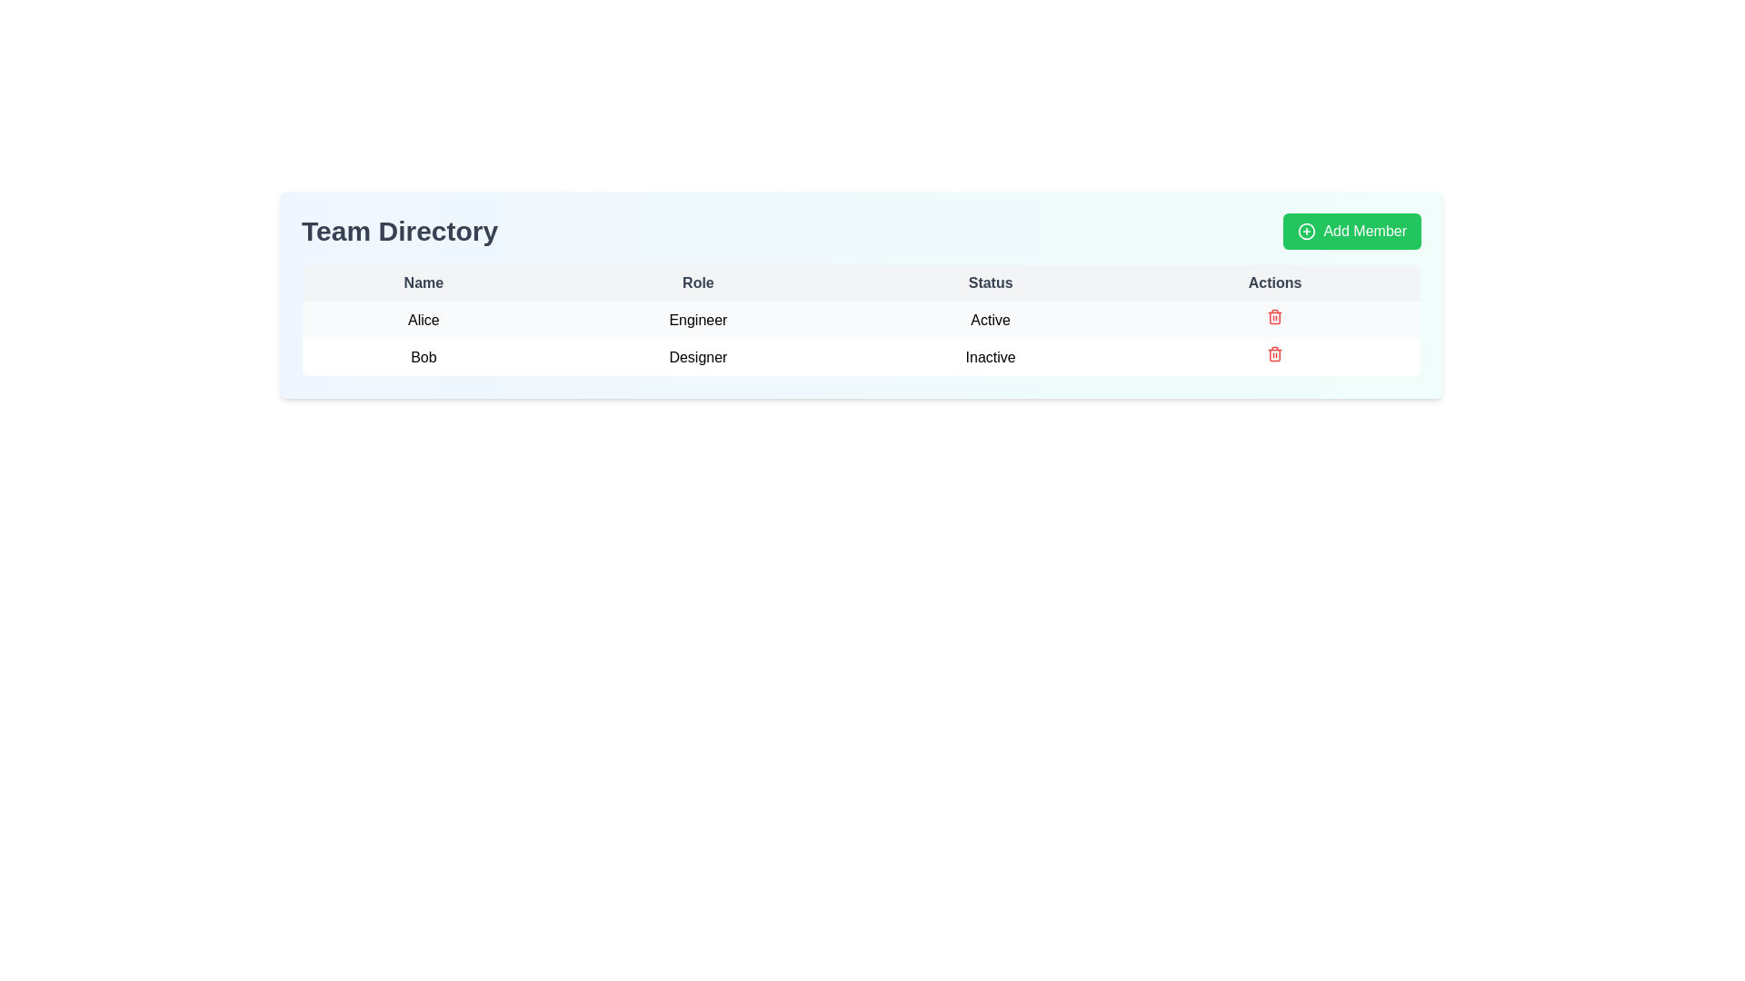 The width and height of the screenshot is (1745, 981). I want to click on the 'Active' status text label in the 'Team Directory' table, located in the second column of the second row under the 'Status' column, so click(990, 319).